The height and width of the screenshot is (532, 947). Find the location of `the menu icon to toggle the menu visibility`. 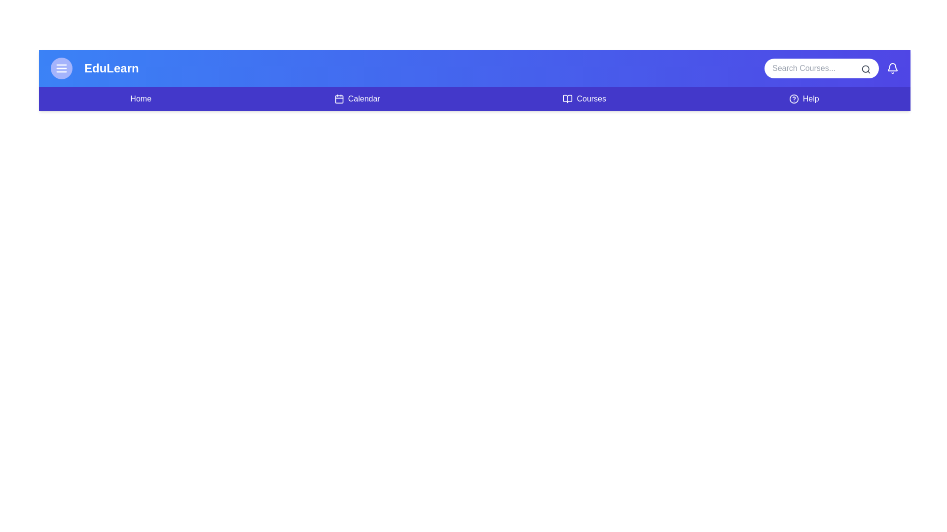

the menu icon to toggle the menu visibility is located at coordinates (61, 67).